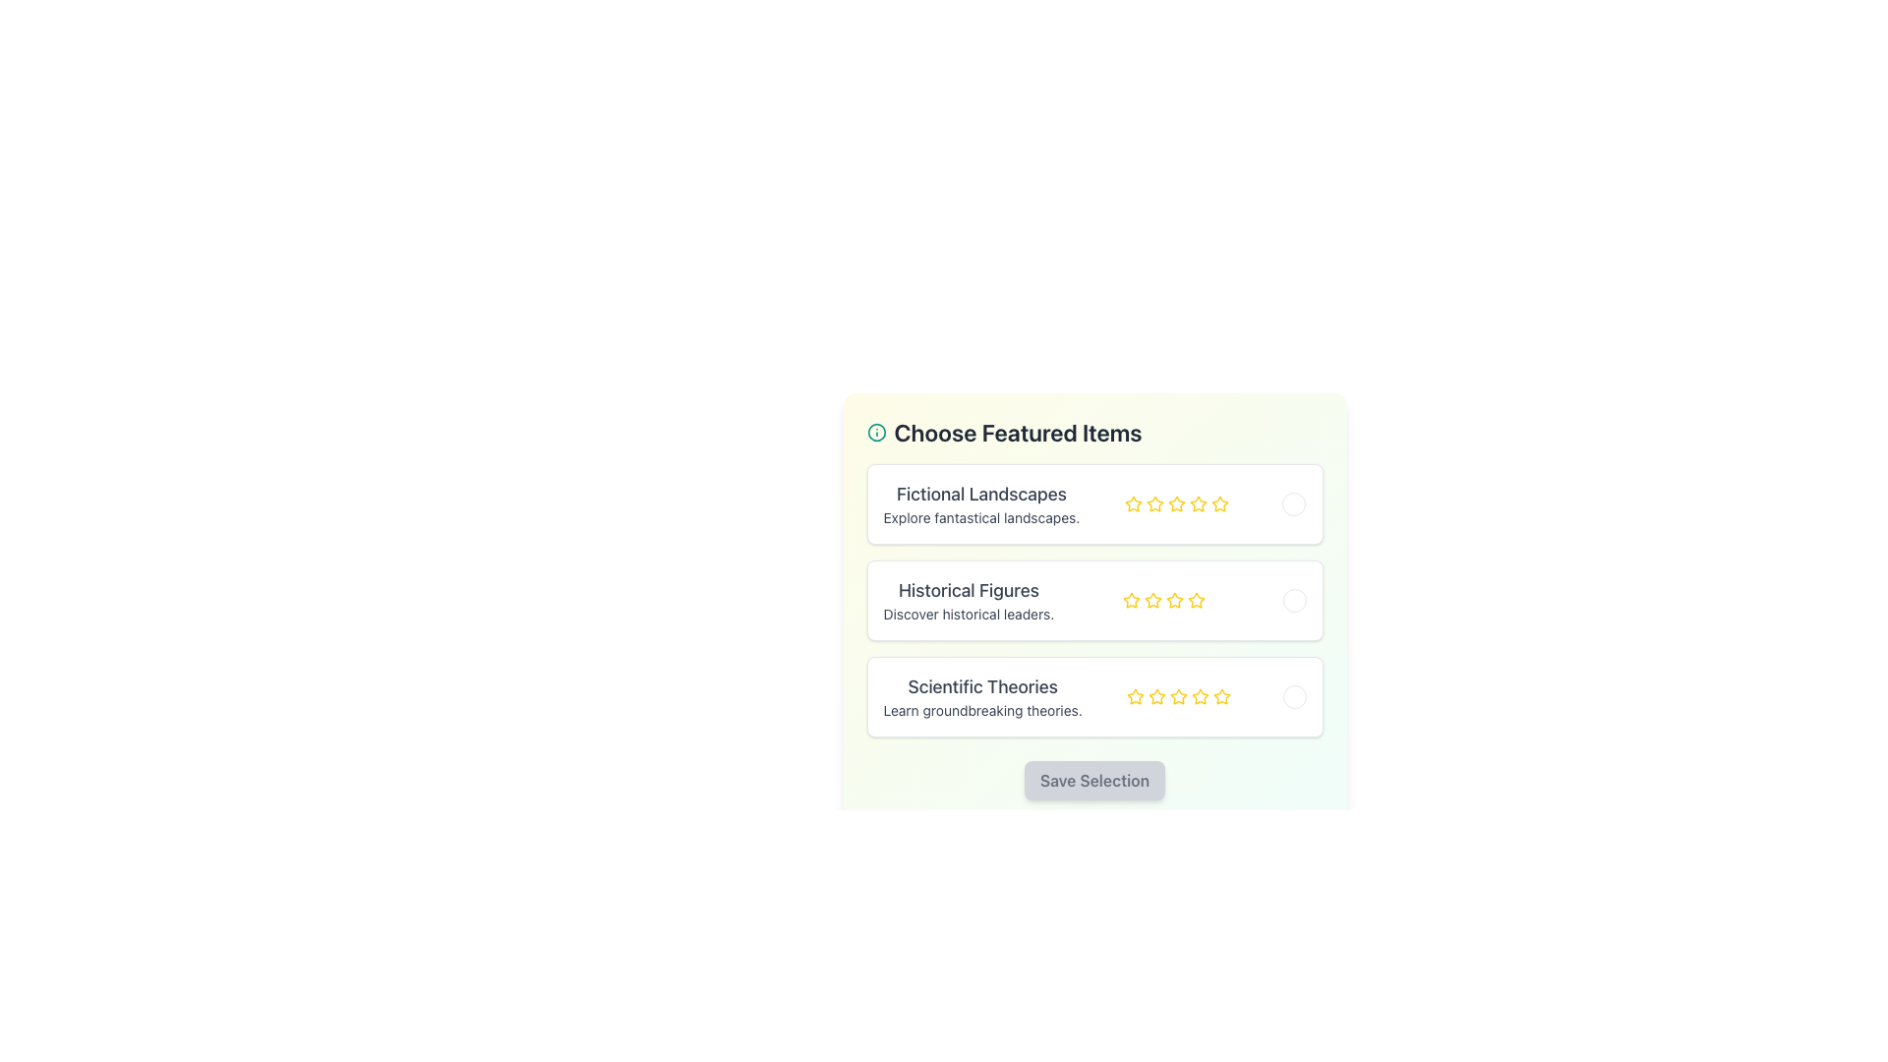  I want to click on the third star icon in the rating component for the 'Scientific Theories' category to rate it, so click(1198, 696).